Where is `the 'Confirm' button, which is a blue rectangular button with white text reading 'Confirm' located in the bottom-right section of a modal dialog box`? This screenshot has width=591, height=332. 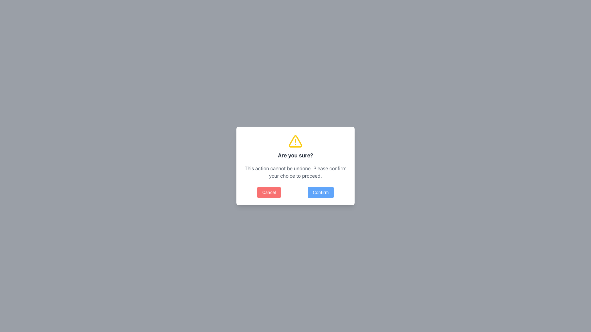
the 'Confirm' button, which is a blue rectangular button with white text reading 'Confirm' located in the bottom-right section of a modal dialog box is located at coordinates (320, 192).